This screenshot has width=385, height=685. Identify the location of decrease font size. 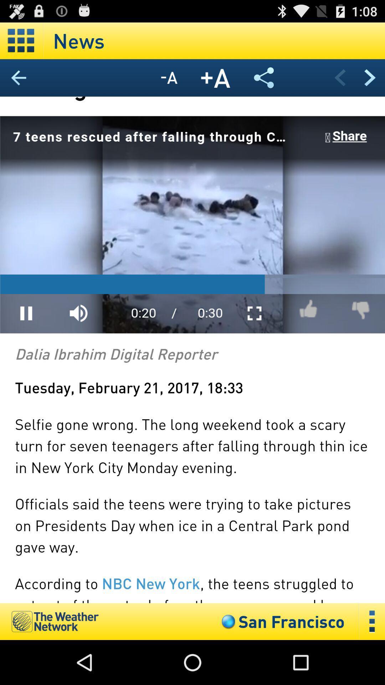
(169, 78).